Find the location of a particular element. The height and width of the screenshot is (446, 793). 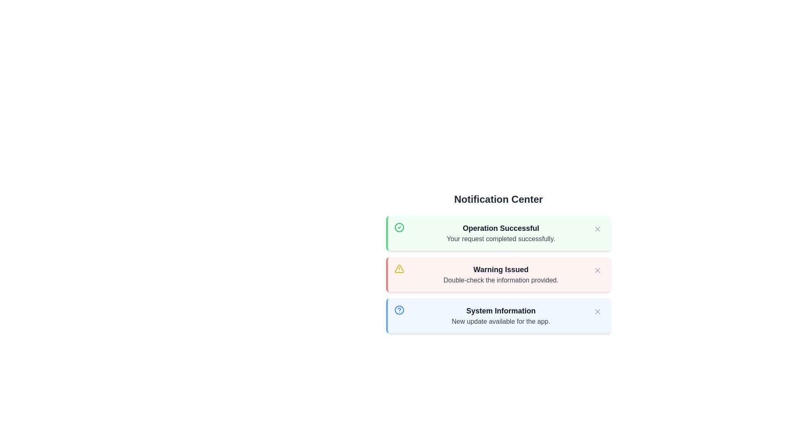

muted gray text displayed beneath the bold heading 'Warning Issued' in the notification box is located at coordinates (501, 280).